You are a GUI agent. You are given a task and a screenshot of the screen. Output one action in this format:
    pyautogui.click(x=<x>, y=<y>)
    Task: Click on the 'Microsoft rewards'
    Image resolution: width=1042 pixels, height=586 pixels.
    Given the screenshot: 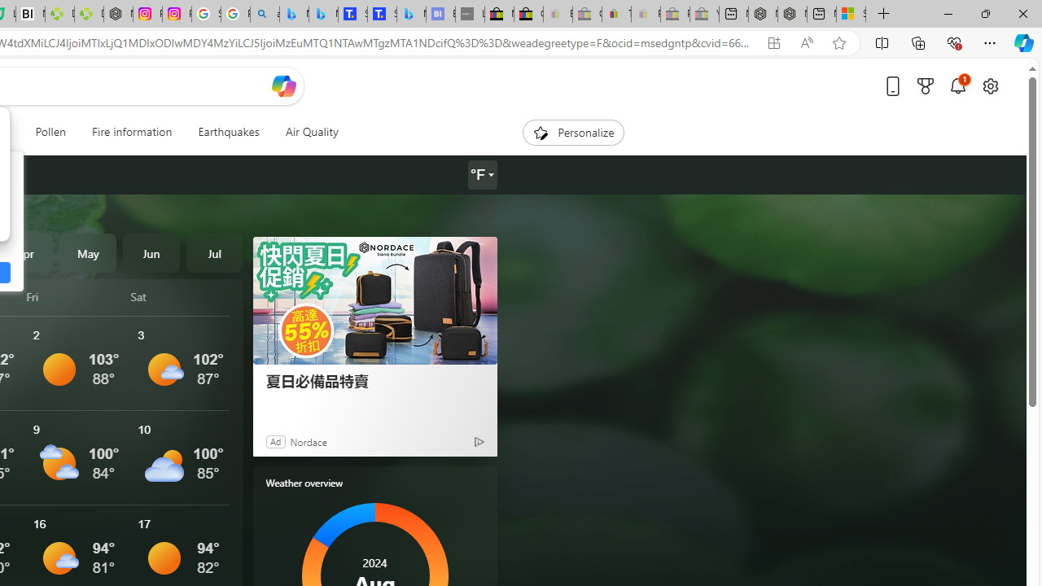 What is the action you would take?
    pyautogui.click(x=926, y=85)
    